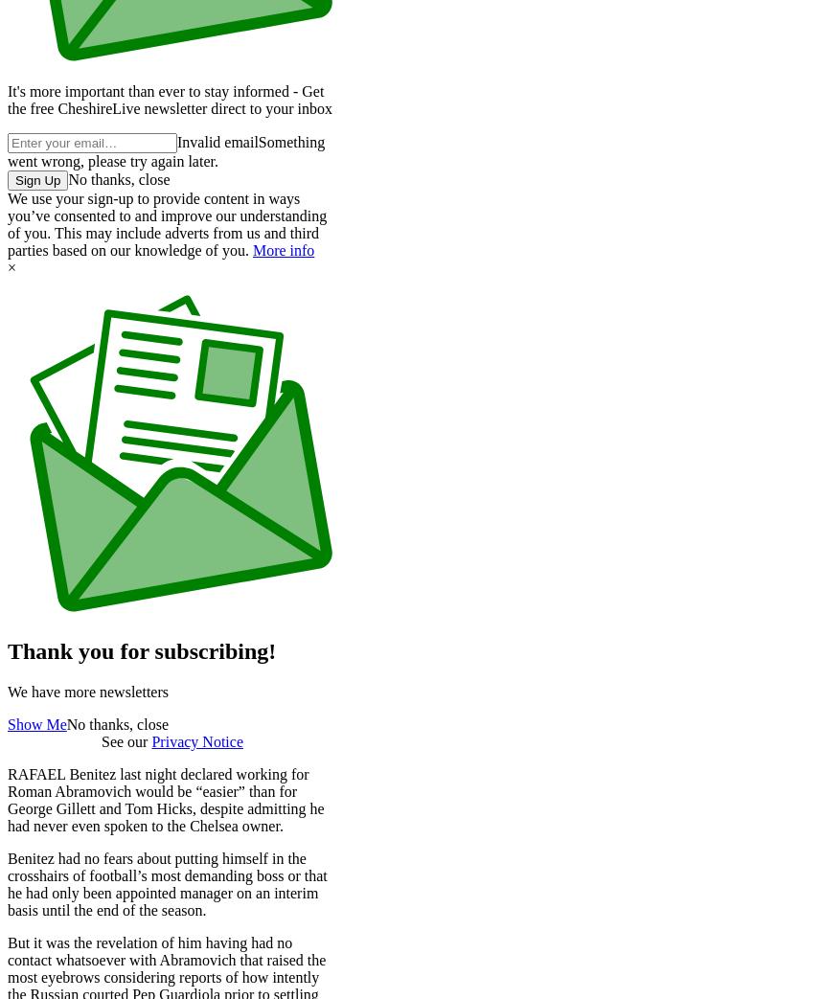  What do you see at coordinates (167, 224) in the screenshot?
I see `'We use your sign-up to provide content in ways you’ve consented to and improve our understanding of you. This may include adverts from us and third parties based on our knowledge of you.'` at bounding box center [167, 224].